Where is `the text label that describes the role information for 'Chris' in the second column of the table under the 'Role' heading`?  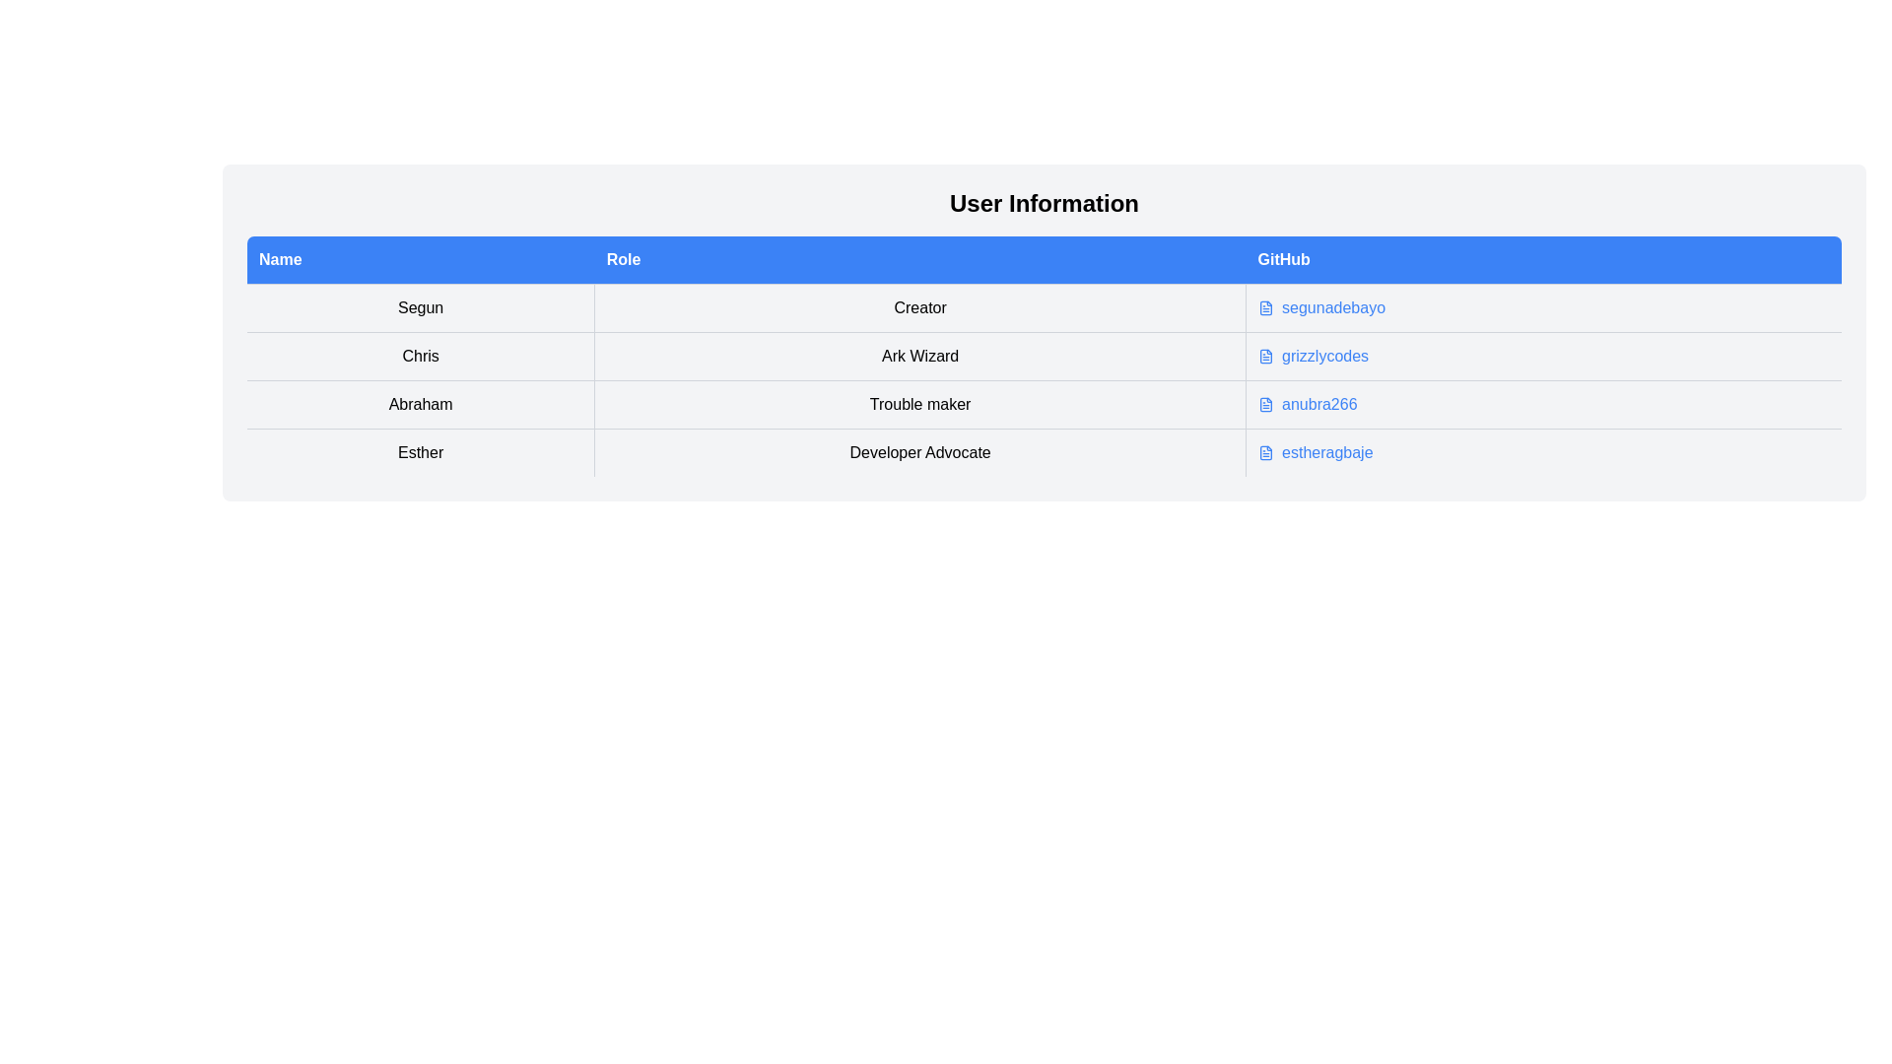 the text label that describes the role information for 'Chris' in the second column of the table under the 'Role' heading is located at coordinates (919, 357).